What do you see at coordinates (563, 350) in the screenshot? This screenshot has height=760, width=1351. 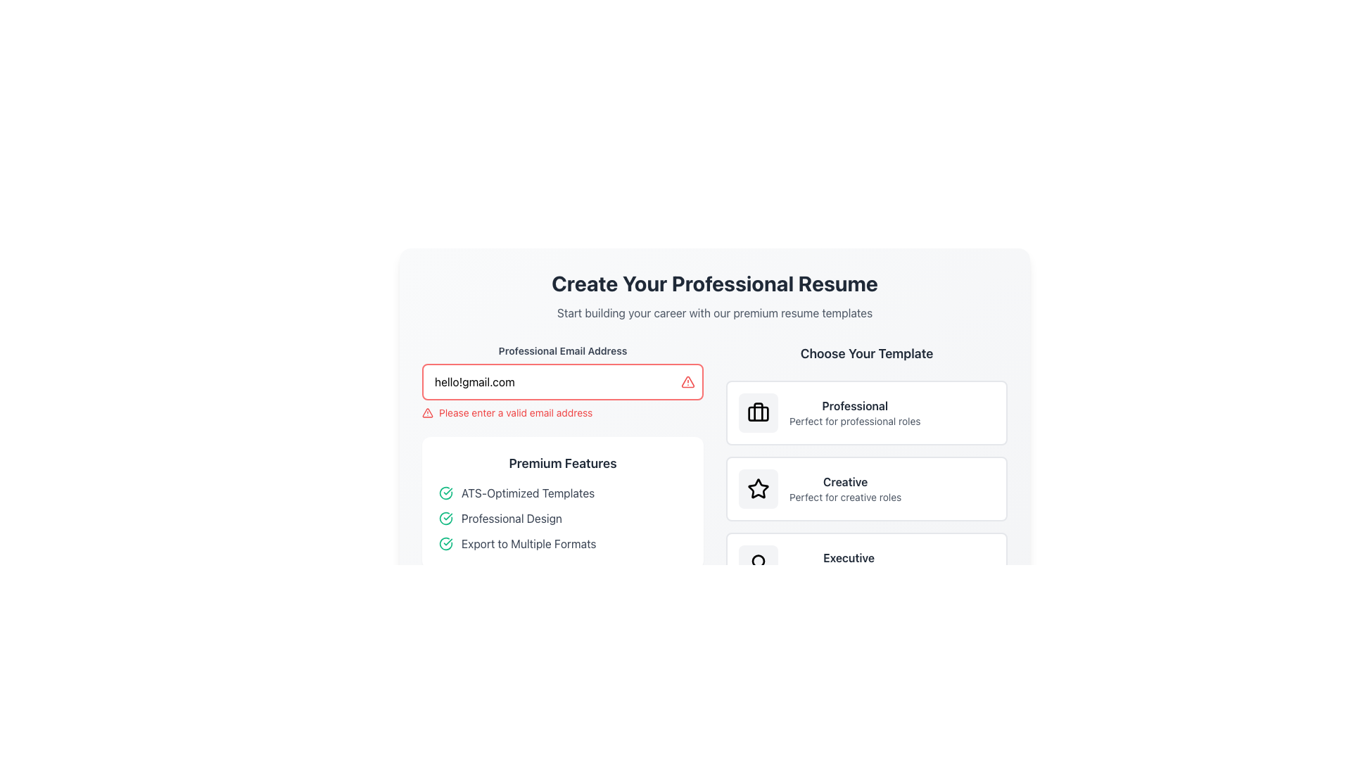 I see `the text label that says 'Professional Email Address', which is prominently styled in bold and located above the email input field` at bounding box center [563, 350].